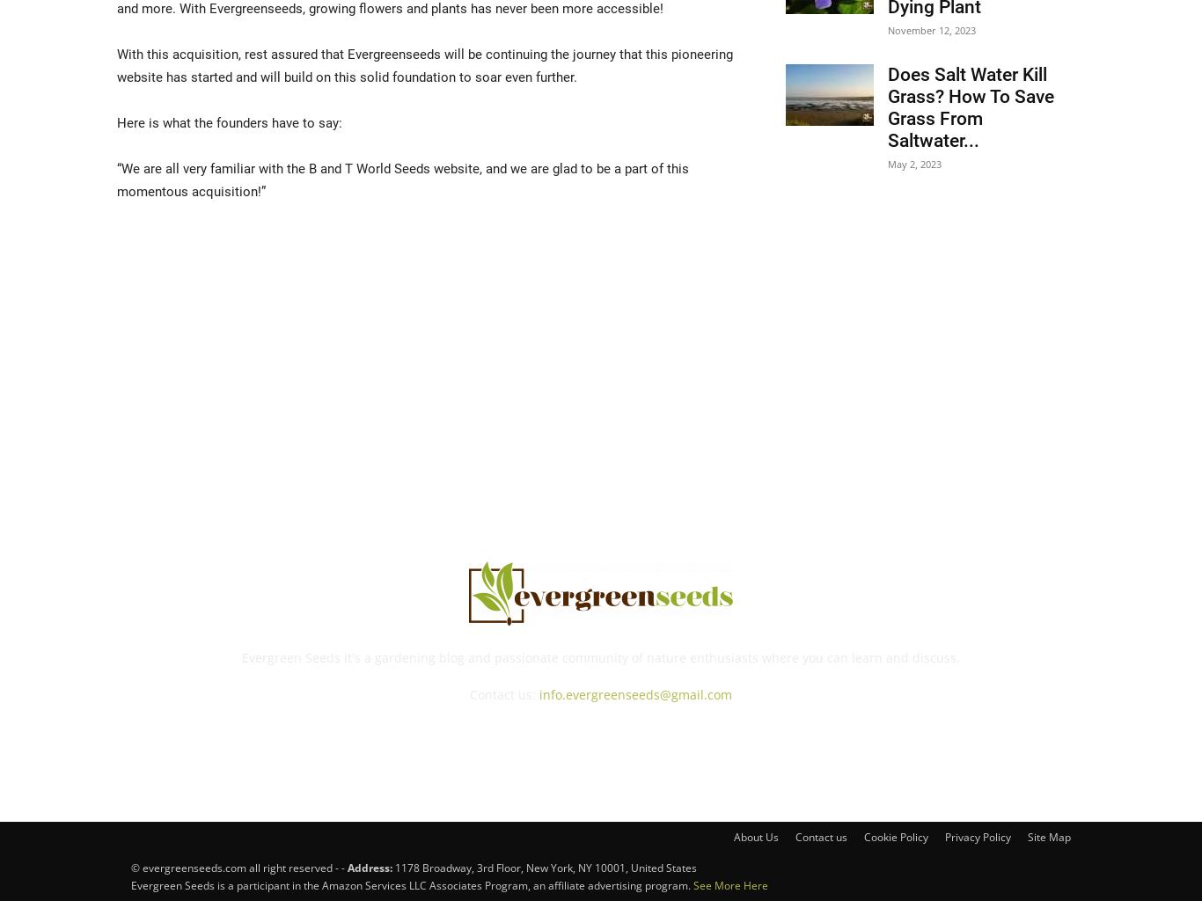  I want to click on 'Evergreen Seeds it's a gardening blog and passionate community of nature enthusiasts where you can learn and discuss.', so click(599, 656).